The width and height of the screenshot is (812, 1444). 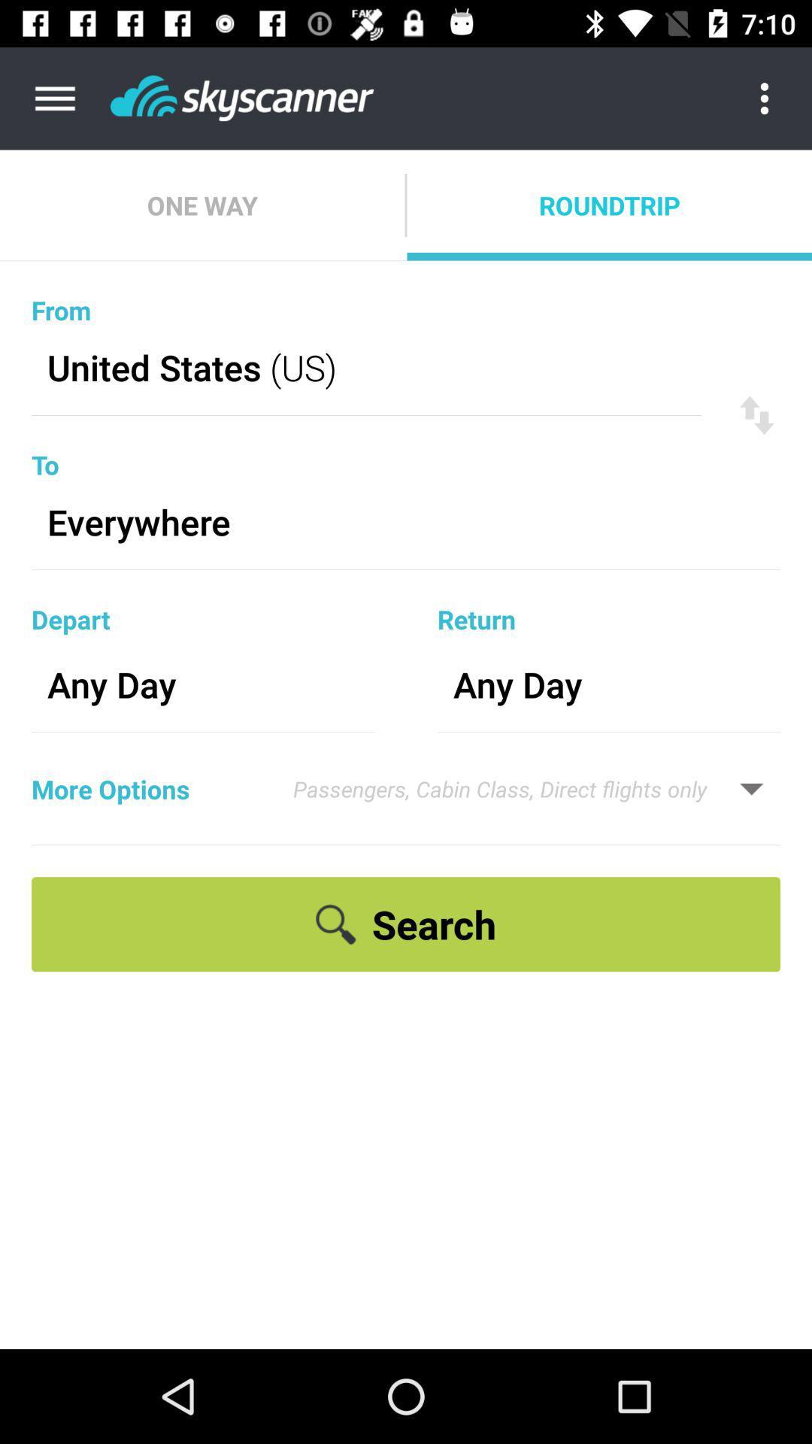 I want to click on the 3 vertical dots icon, so click(x=777, y=97).